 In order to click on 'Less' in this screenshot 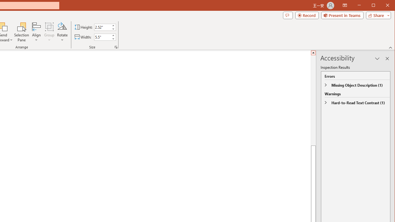, I will do `click(113, 39)`.